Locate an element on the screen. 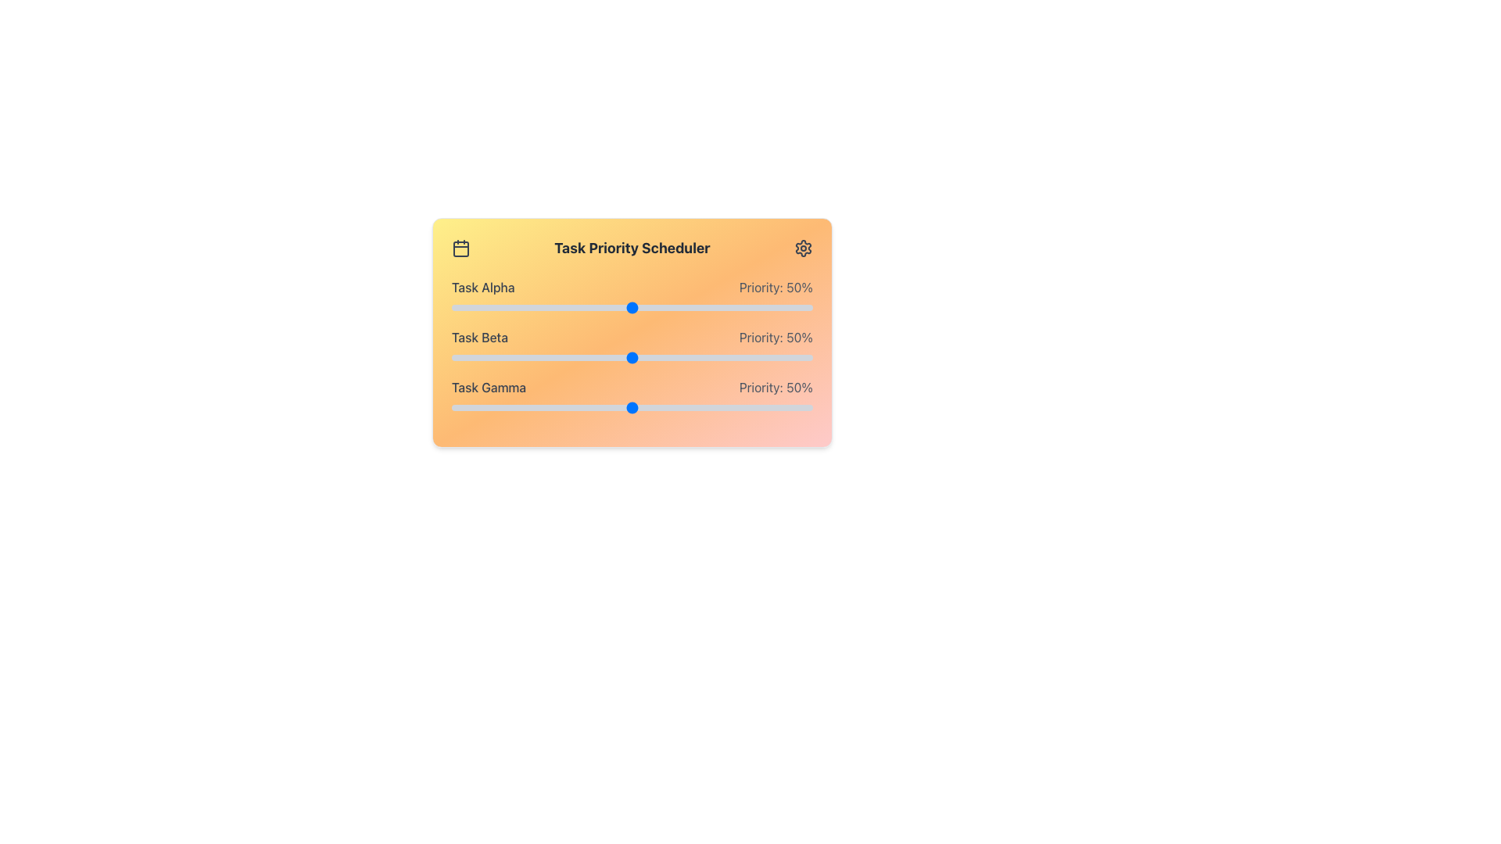 The image size is (1501, 844). task priority is located at coordinates (794, 406).